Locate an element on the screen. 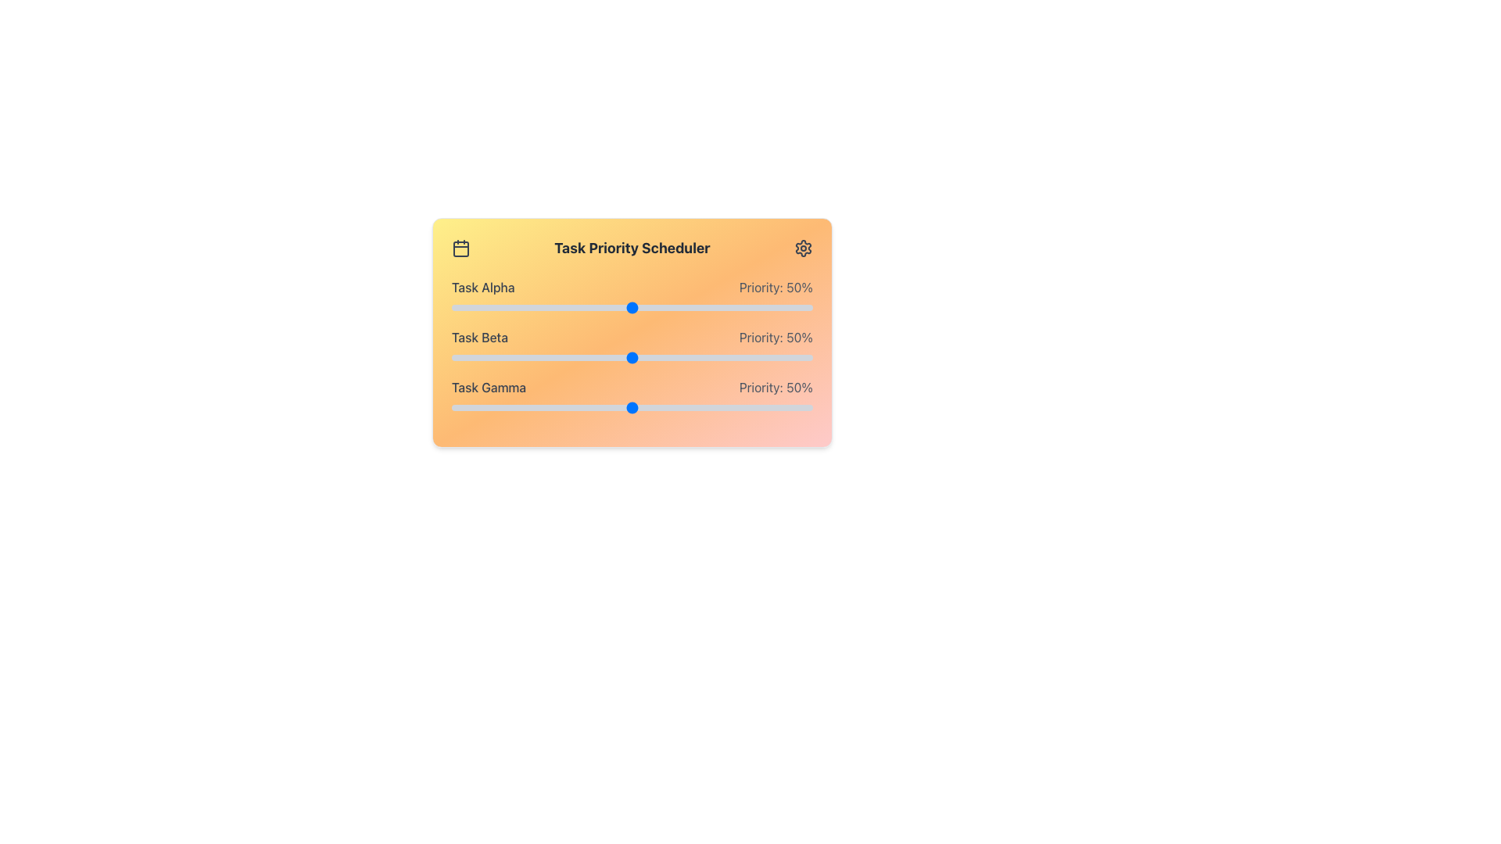 The image size is (1501, 844). task priority is located at coordinates (794, 406).